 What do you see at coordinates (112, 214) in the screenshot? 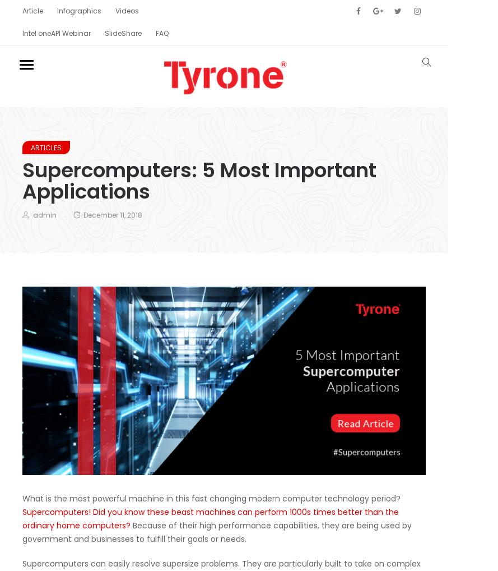
I see `'December 11, 2018'` at bounding box center [112, 214].